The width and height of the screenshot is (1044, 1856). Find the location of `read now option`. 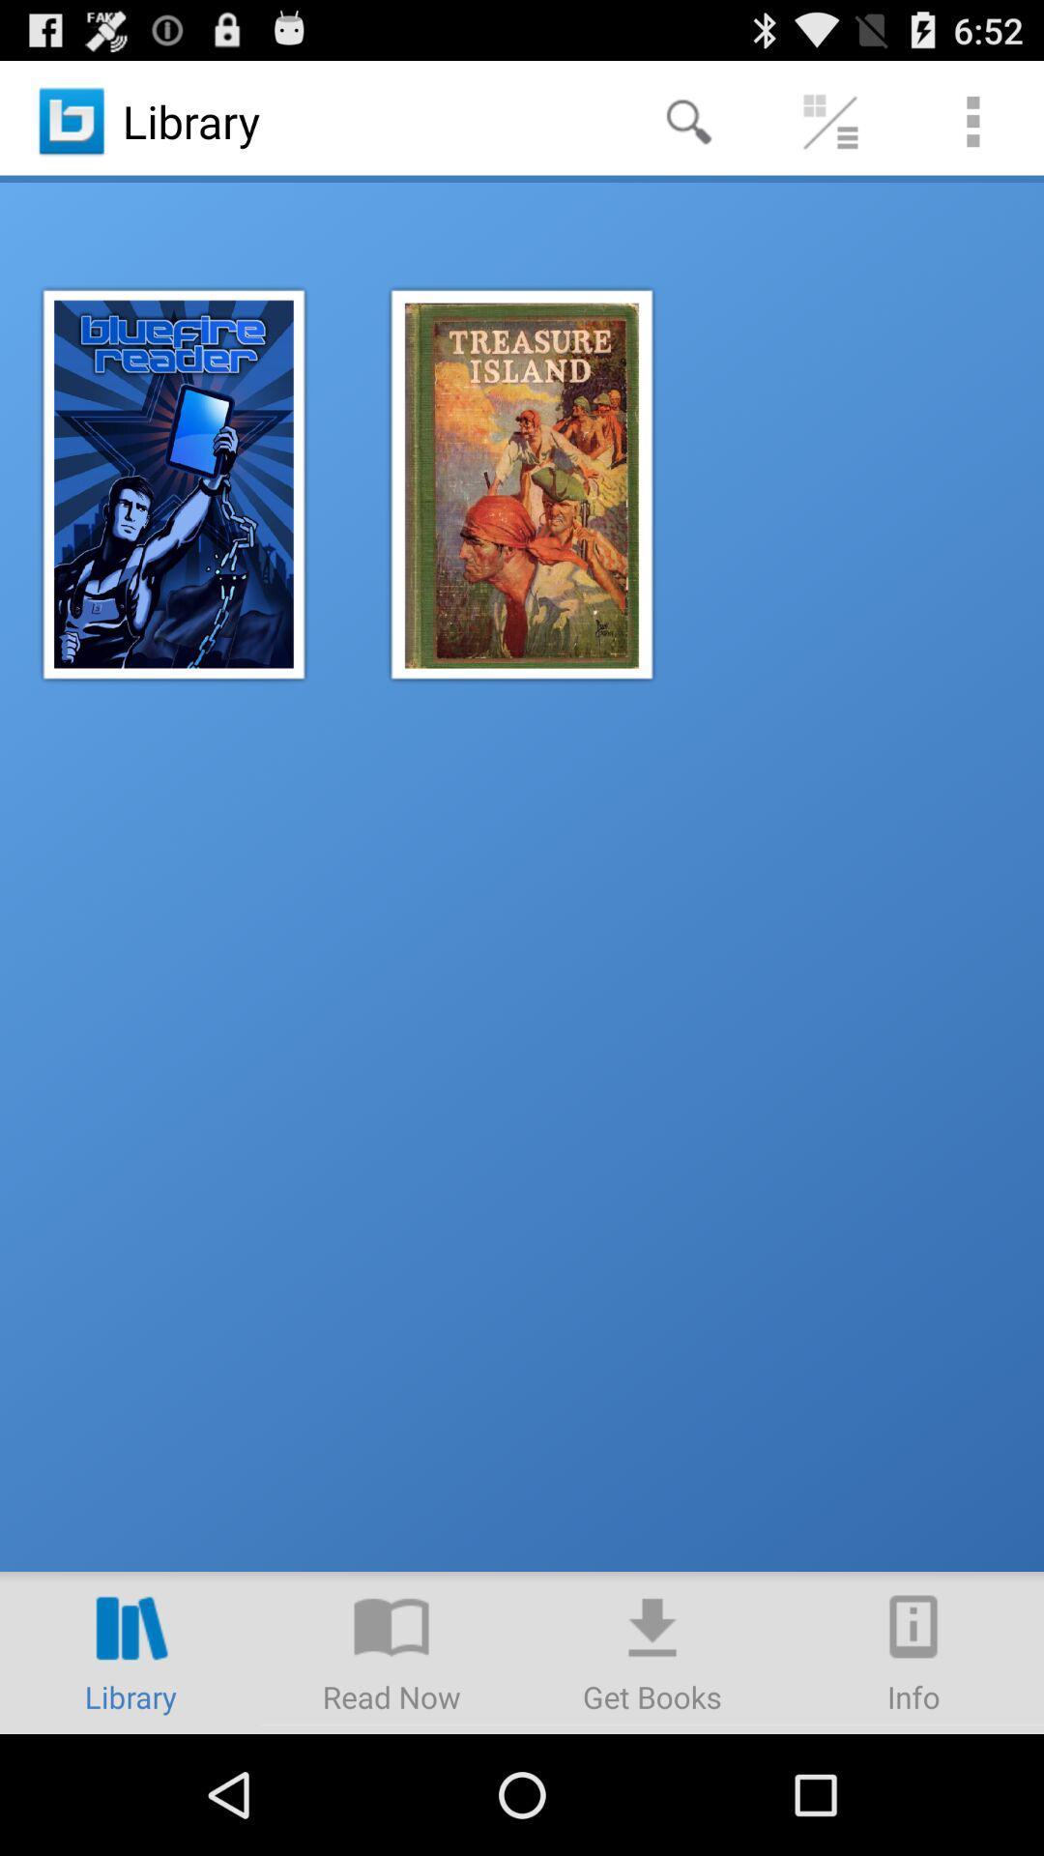

read now option is located at coordinates (391, 1651).